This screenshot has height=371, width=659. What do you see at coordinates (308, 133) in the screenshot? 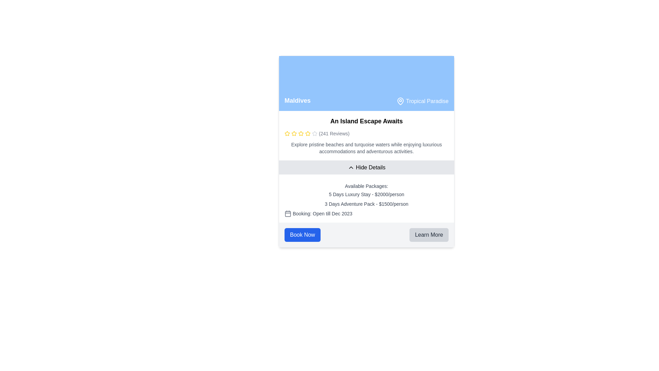
I see `the first star-shaped icon with a yellow border, used for rating, located below the title 'An Island Escape Awaits' to rate it` at bounding box center [308, 133].